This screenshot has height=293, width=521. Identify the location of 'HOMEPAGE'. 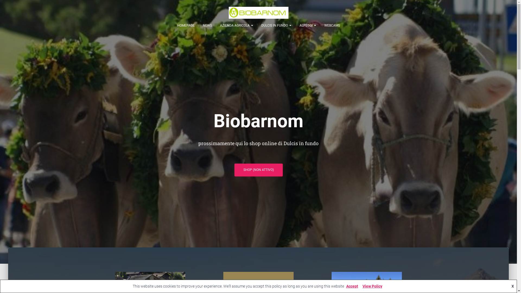
(186, 25).